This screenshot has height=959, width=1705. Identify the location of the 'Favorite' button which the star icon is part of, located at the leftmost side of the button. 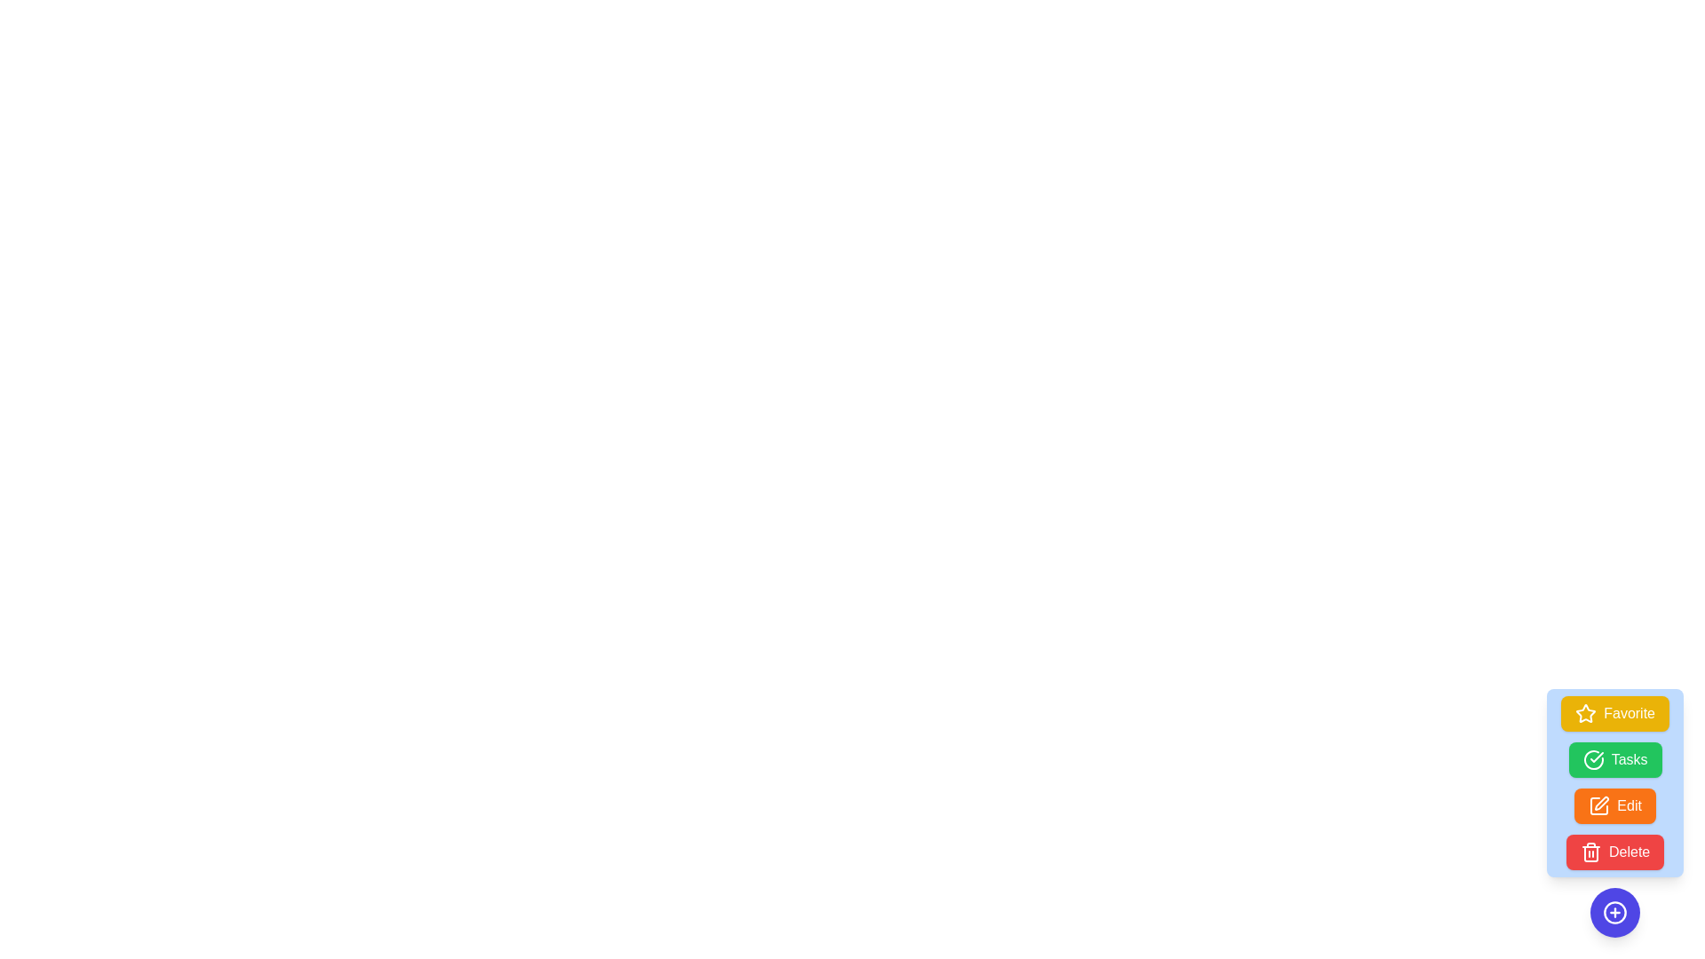
(1586, 712).